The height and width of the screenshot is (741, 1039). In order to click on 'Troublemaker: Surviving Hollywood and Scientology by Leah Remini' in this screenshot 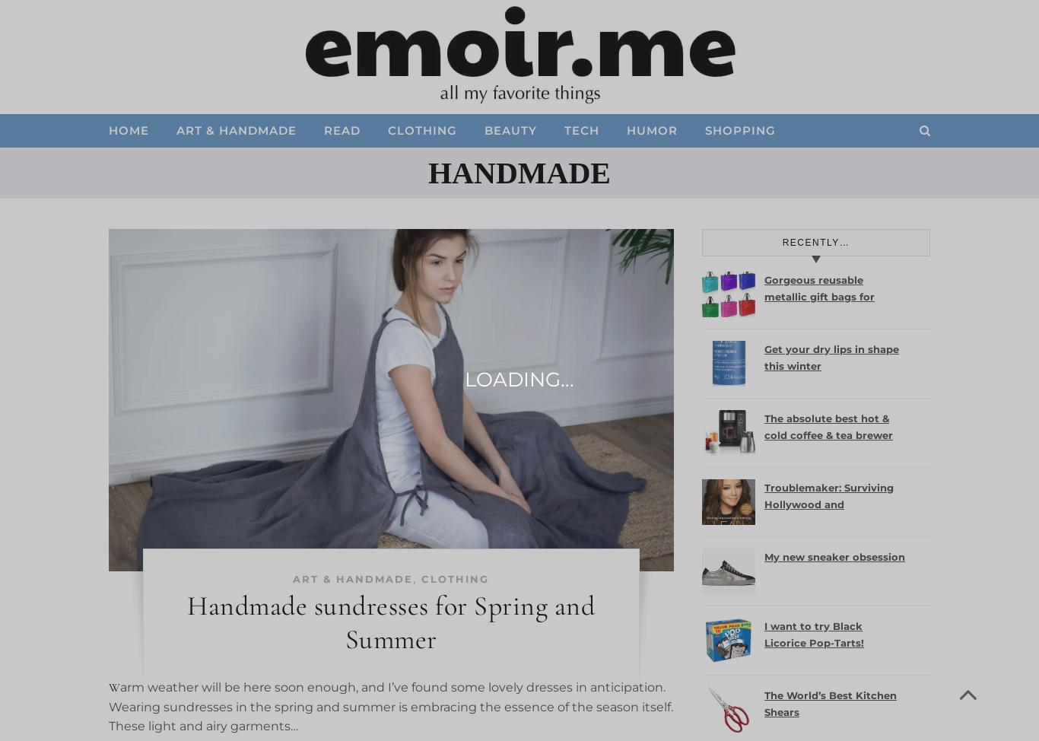, I will do `click(764, 512)`.